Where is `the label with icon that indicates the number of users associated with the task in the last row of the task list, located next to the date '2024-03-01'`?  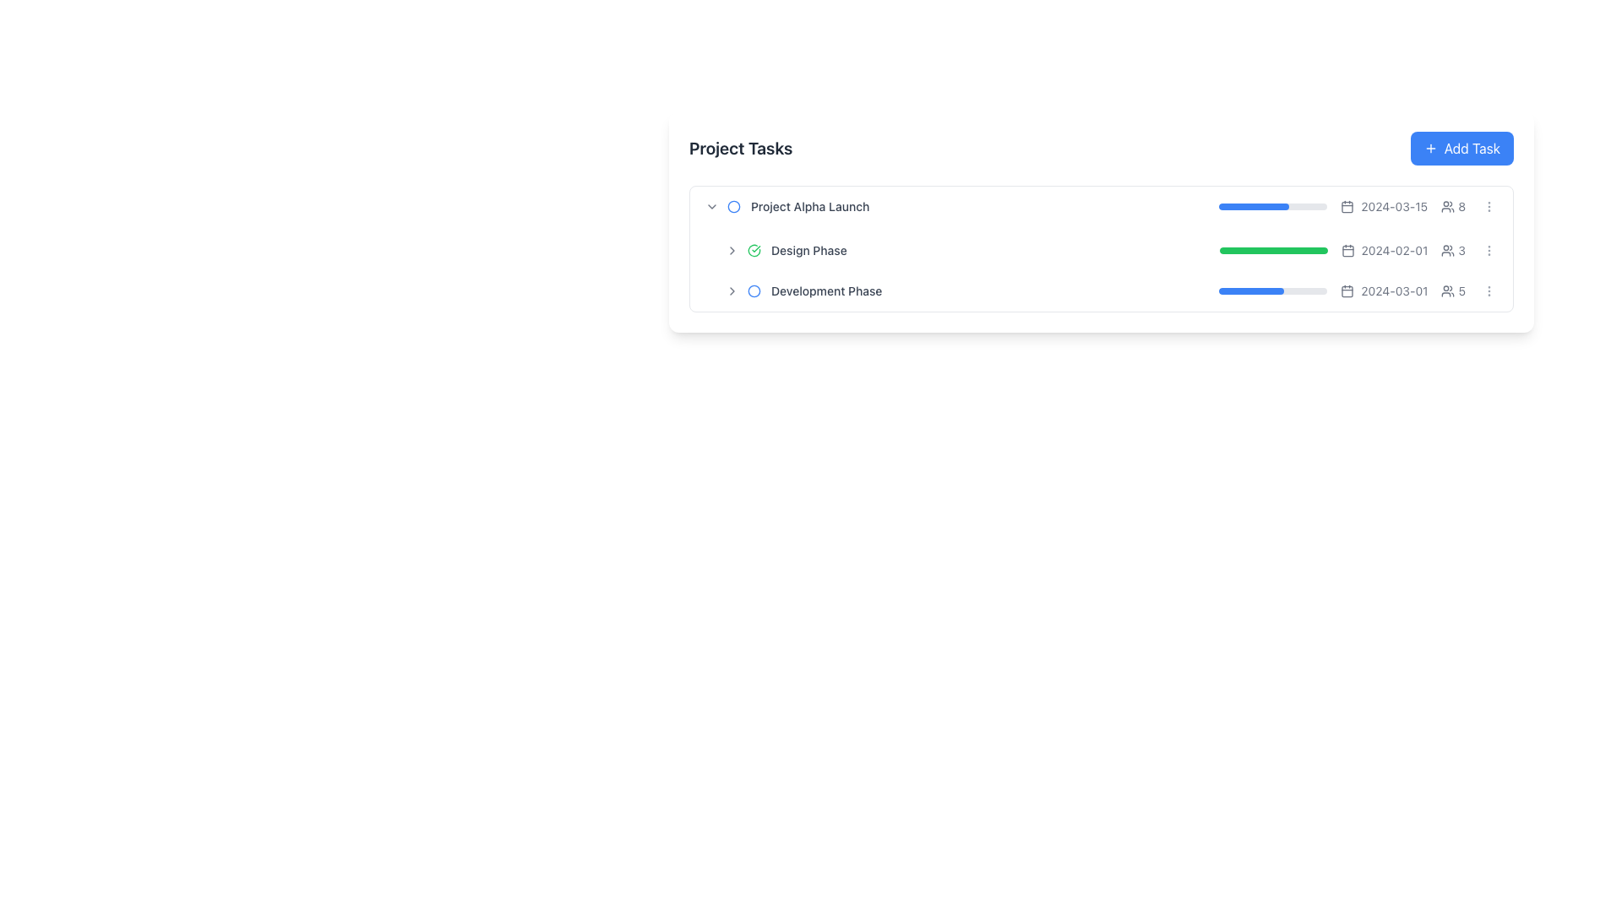
the label with icon that indicates the number of users associated with the task in the last row of the task list, located next to the date '2024-03-01' is located at coordinates (1452, 290).